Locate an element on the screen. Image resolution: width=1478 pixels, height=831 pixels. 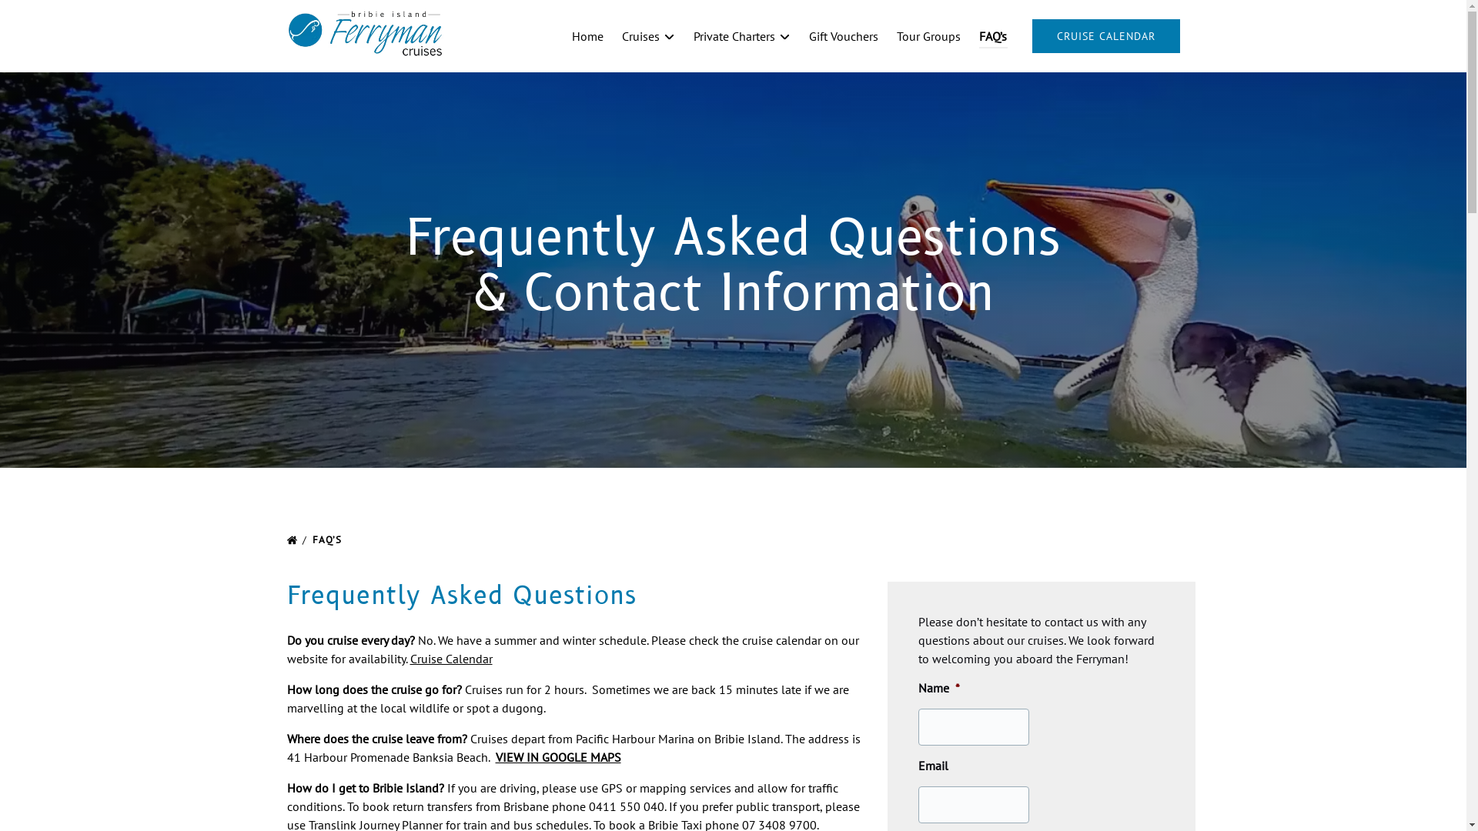
'CRUISE CALENDAR' is located at coordinates (1104, 35).